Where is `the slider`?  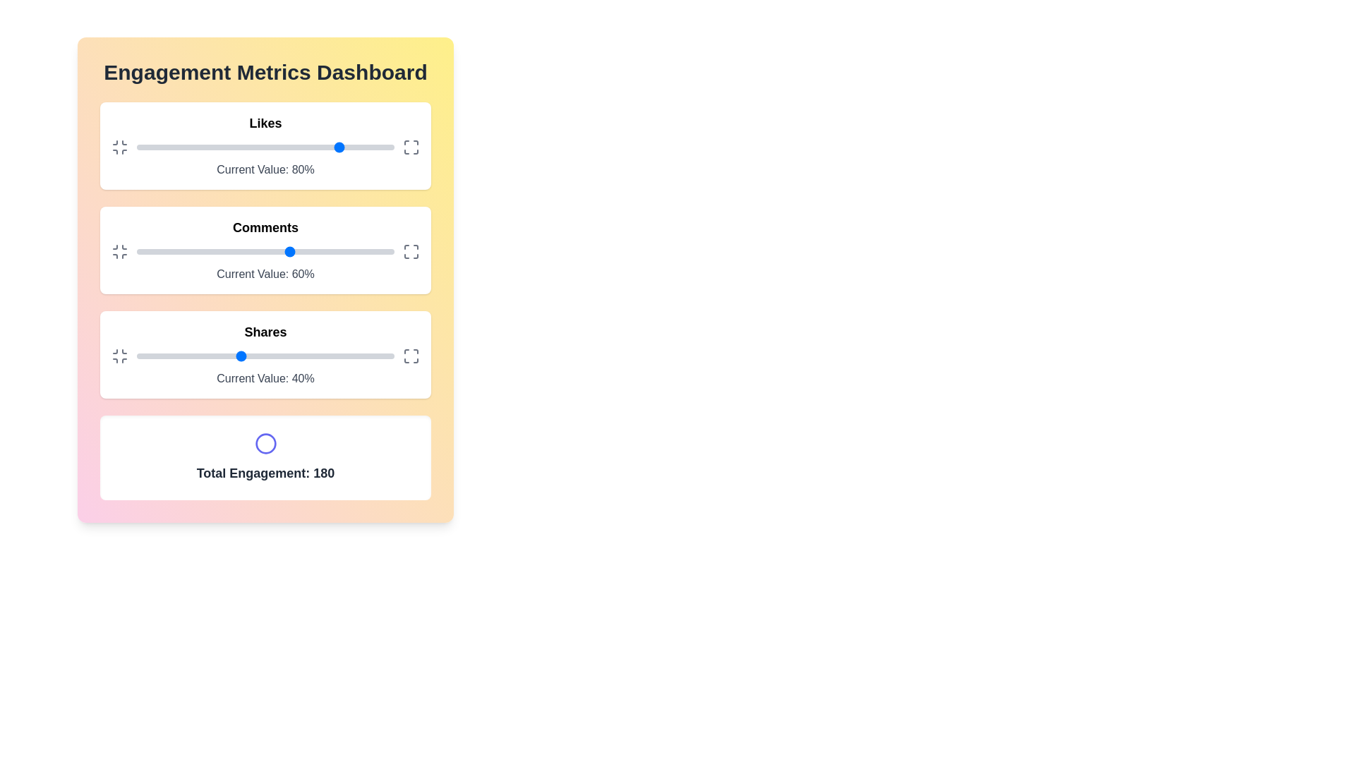
the slider is located at coordinates (345, 147).